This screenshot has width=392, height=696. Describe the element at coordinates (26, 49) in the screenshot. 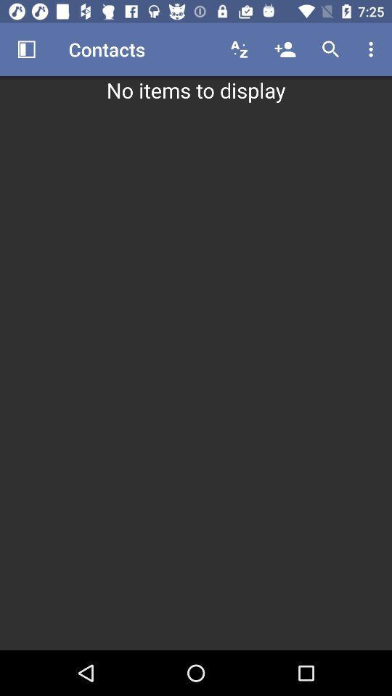

I see `the item above the no items to icon` at that location.